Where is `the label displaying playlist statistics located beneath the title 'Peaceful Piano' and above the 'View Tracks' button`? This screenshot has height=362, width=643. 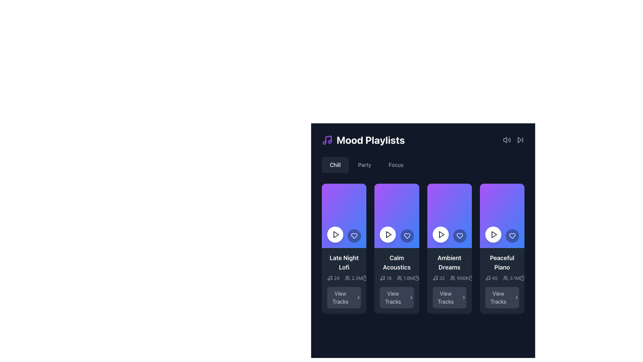 the label displaying playlist statistics located beneath the title 'Peaceful Piano' and above the 'View Tracks' button is located at coordinates (502, 278).